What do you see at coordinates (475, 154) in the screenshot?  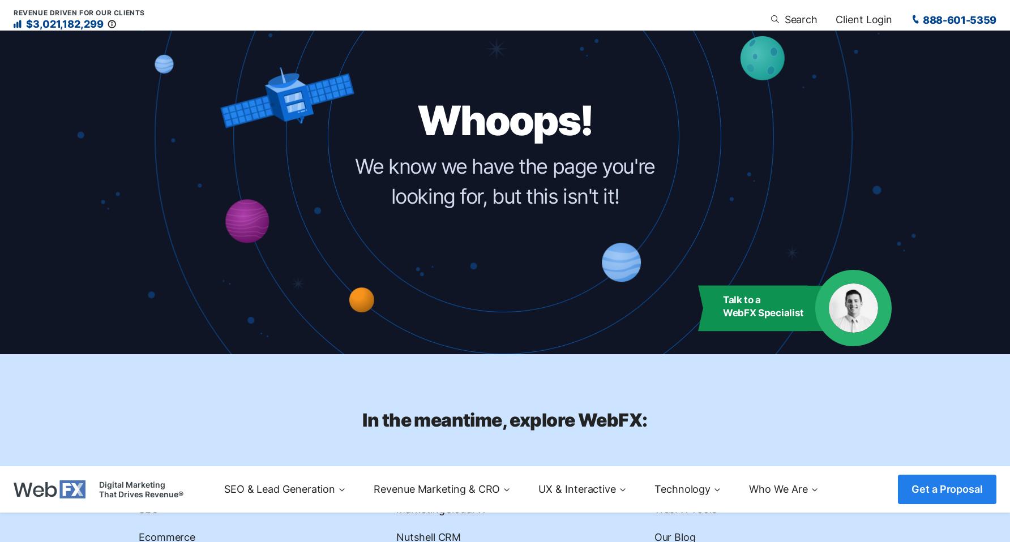 I see `'Salesforce Marketing Automation'` at bounding box center [475, 154].